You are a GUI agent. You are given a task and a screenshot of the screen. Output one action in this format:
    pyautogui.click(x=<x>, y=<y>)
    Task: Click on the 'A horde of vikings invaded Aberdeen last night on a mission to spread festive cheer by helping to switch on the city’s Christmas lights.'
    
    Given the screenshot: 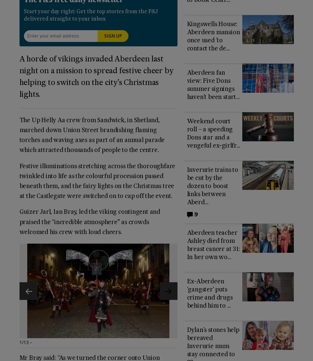 What is the action you would take?
    pyautogui.click(x=96, y=76)
    